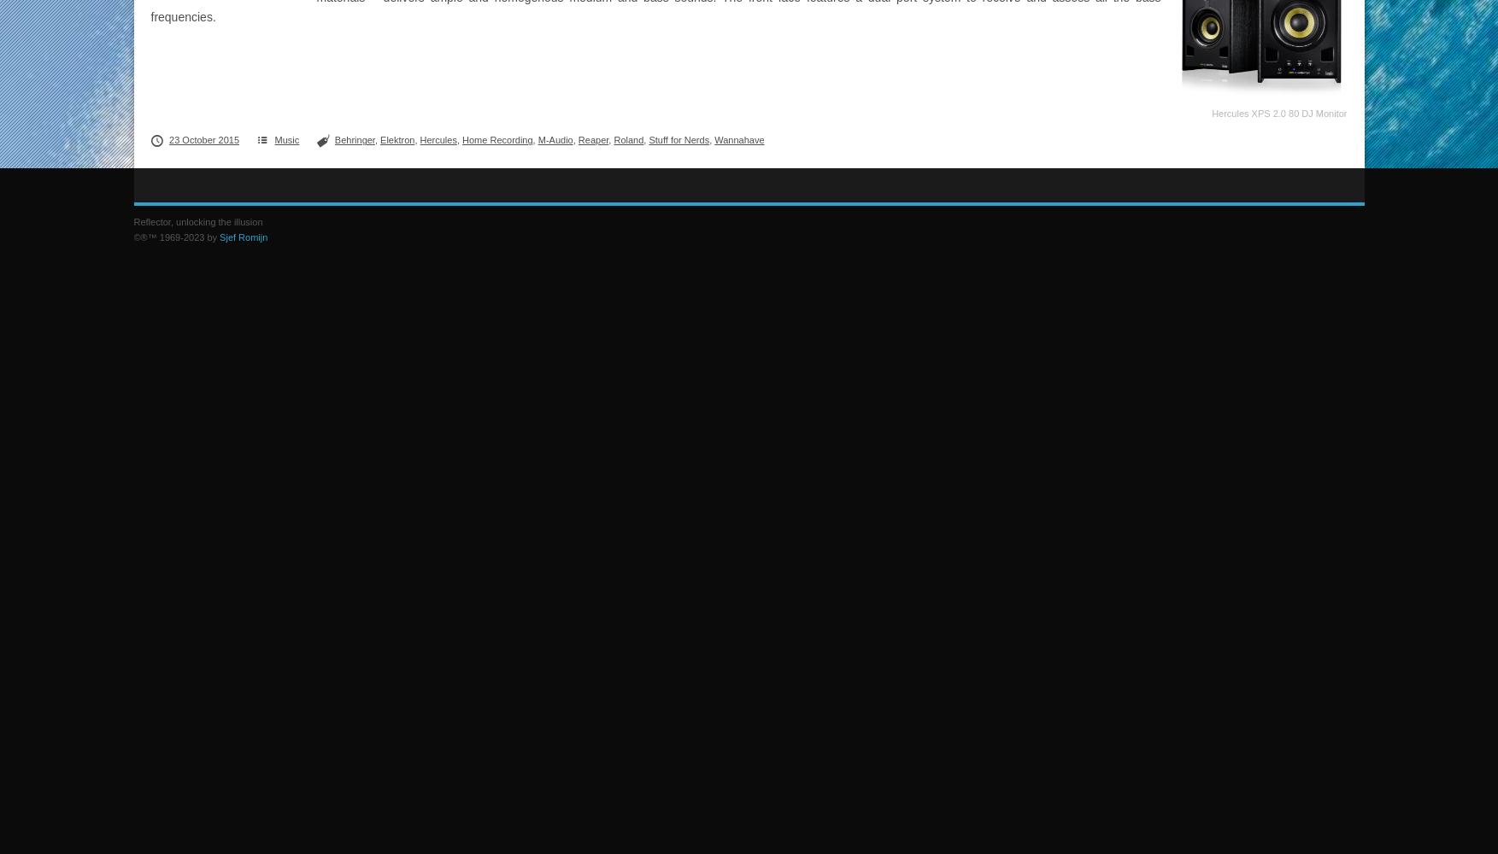  Describe the element at coordinates (496, 140) in the screenshot. I see `'Home Recording'` at that location.